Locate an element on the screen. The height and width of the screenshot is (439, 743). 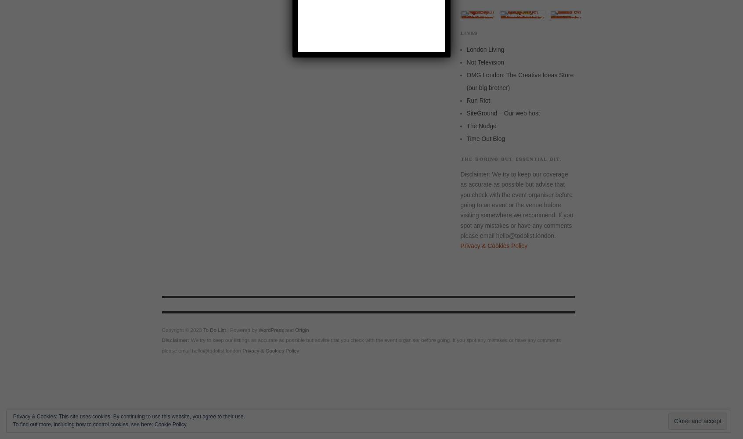
'We try to keep our listings as accurate as possible but advise that you check with the event organiser before going. If you spot any mistakes or have any comments please email hello@todolist.london' is located at coordinates (162, 345).